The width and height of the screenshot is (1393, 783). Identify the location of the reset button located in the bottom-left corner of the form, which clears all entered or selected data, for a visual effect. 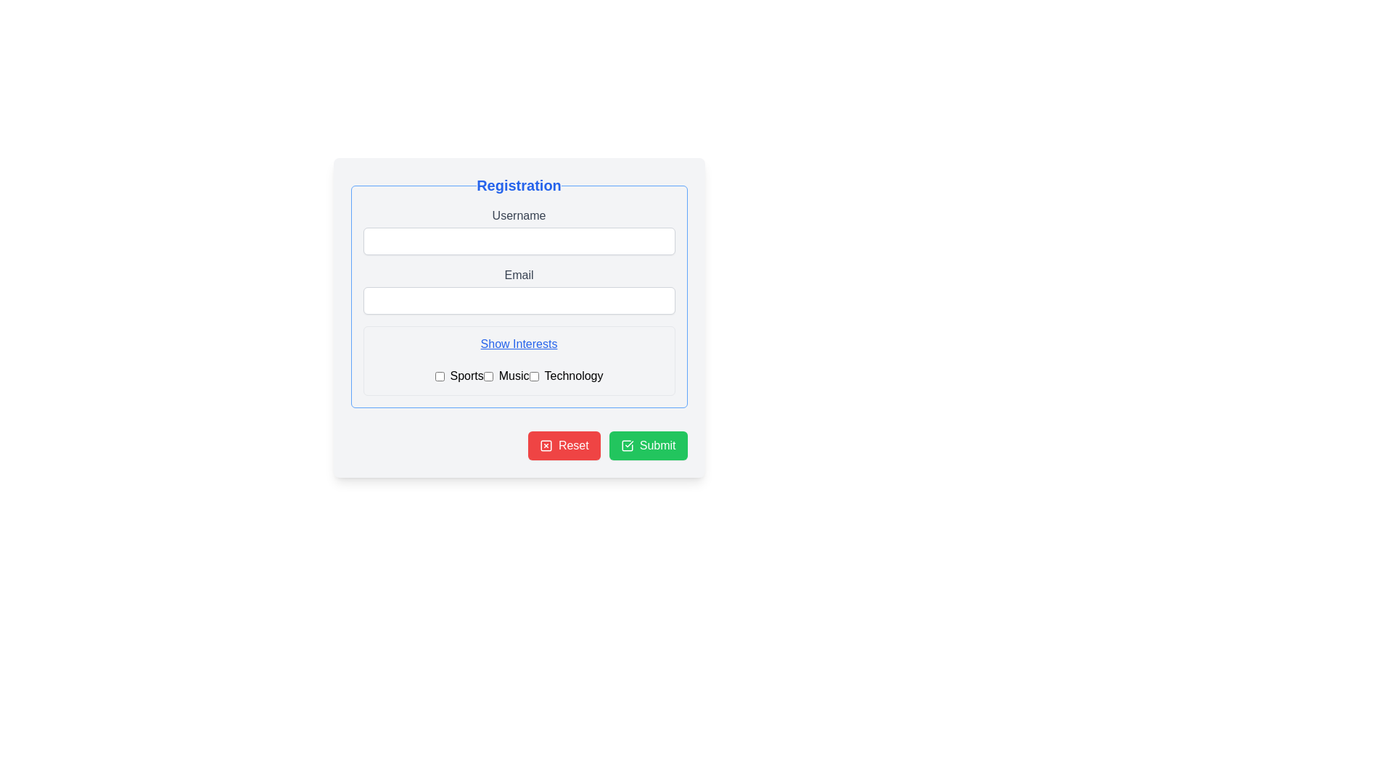
(563, 444).